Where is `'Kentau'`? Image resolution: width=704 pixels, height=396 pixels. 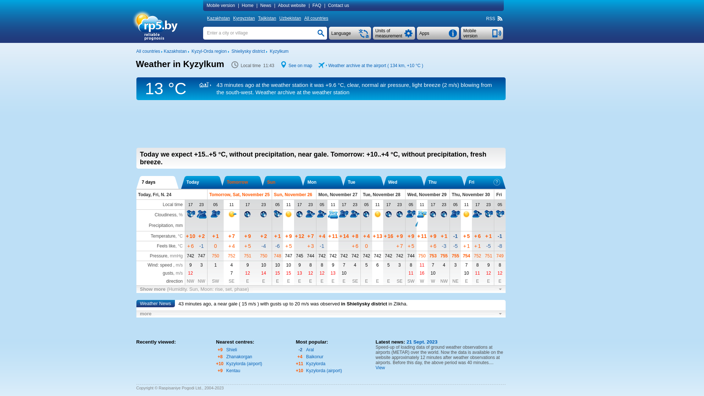 'Kentau' is located at coordinates (232, 370).